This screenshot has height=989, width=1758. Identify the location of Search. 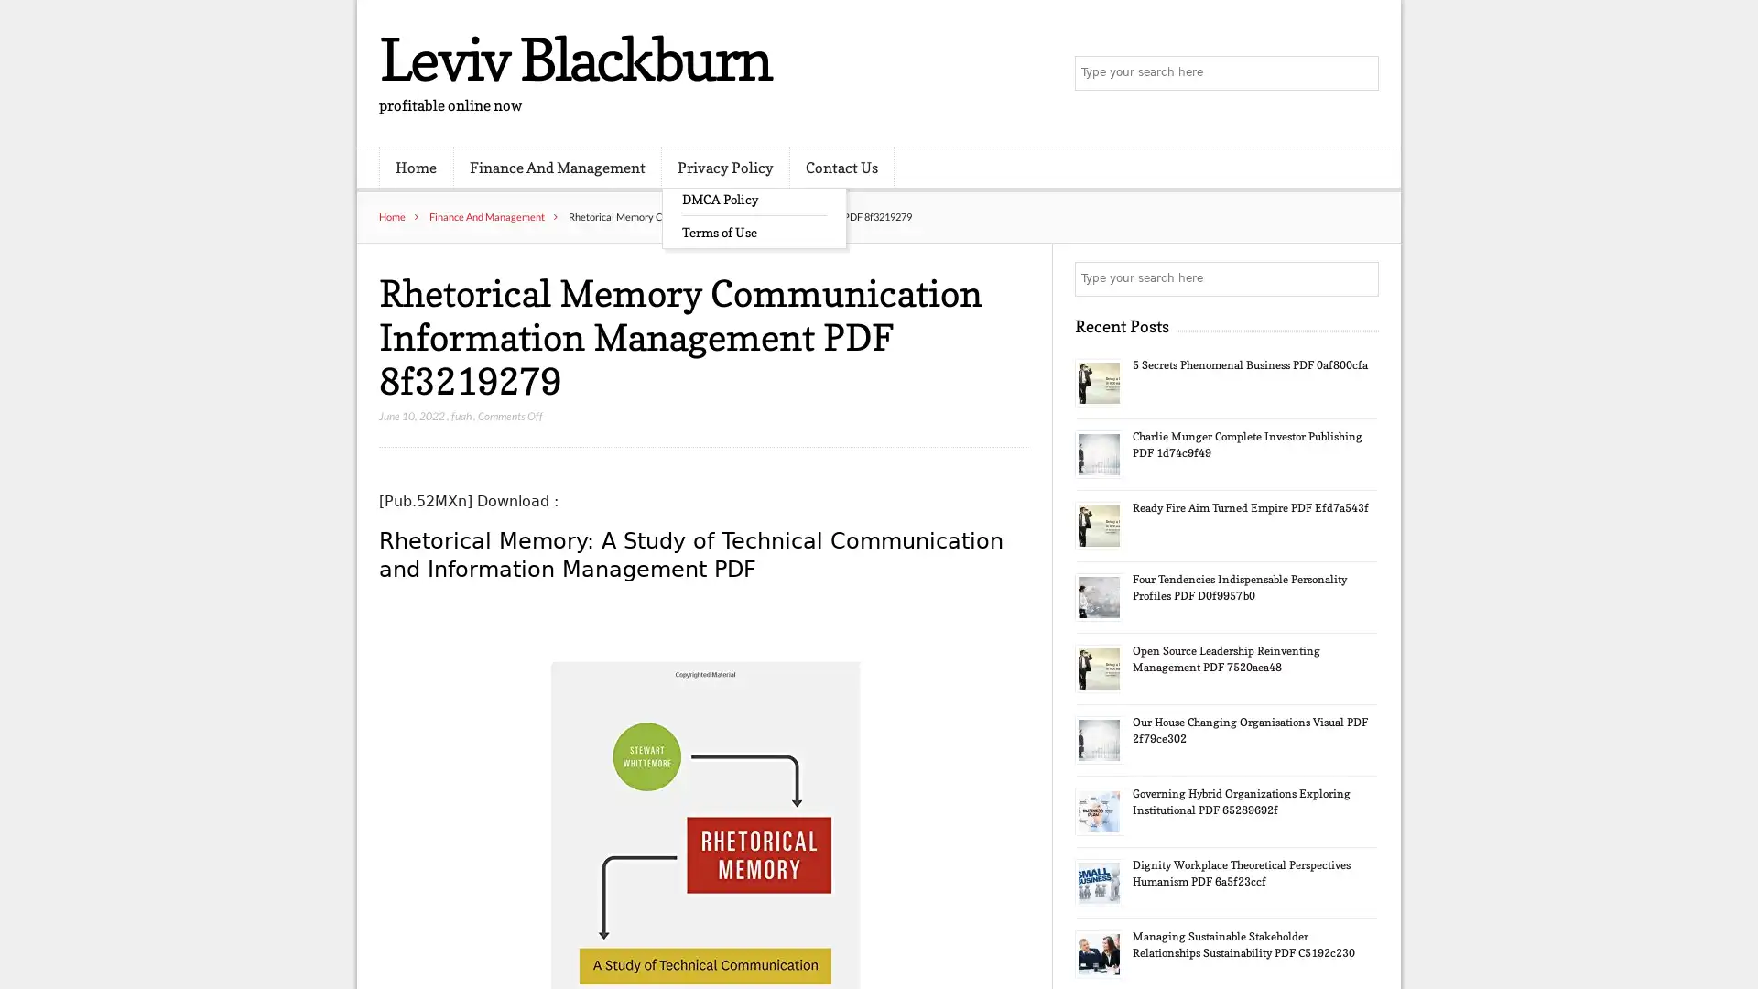
(1360, 73).